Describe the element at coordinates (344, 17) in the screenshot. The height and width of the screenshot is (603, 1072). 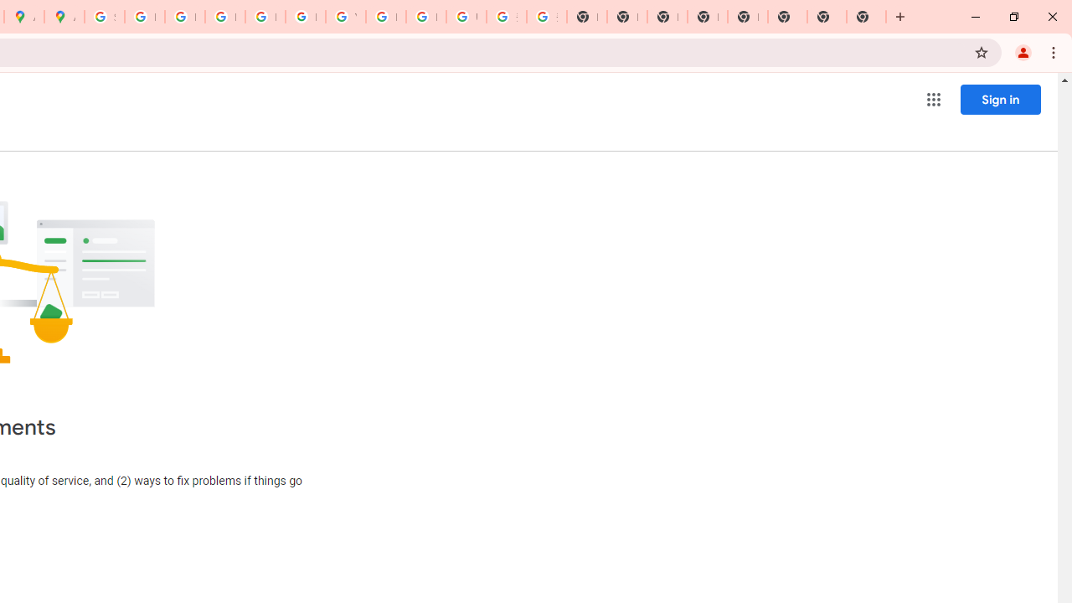
I see `'YouTube'` at that location.